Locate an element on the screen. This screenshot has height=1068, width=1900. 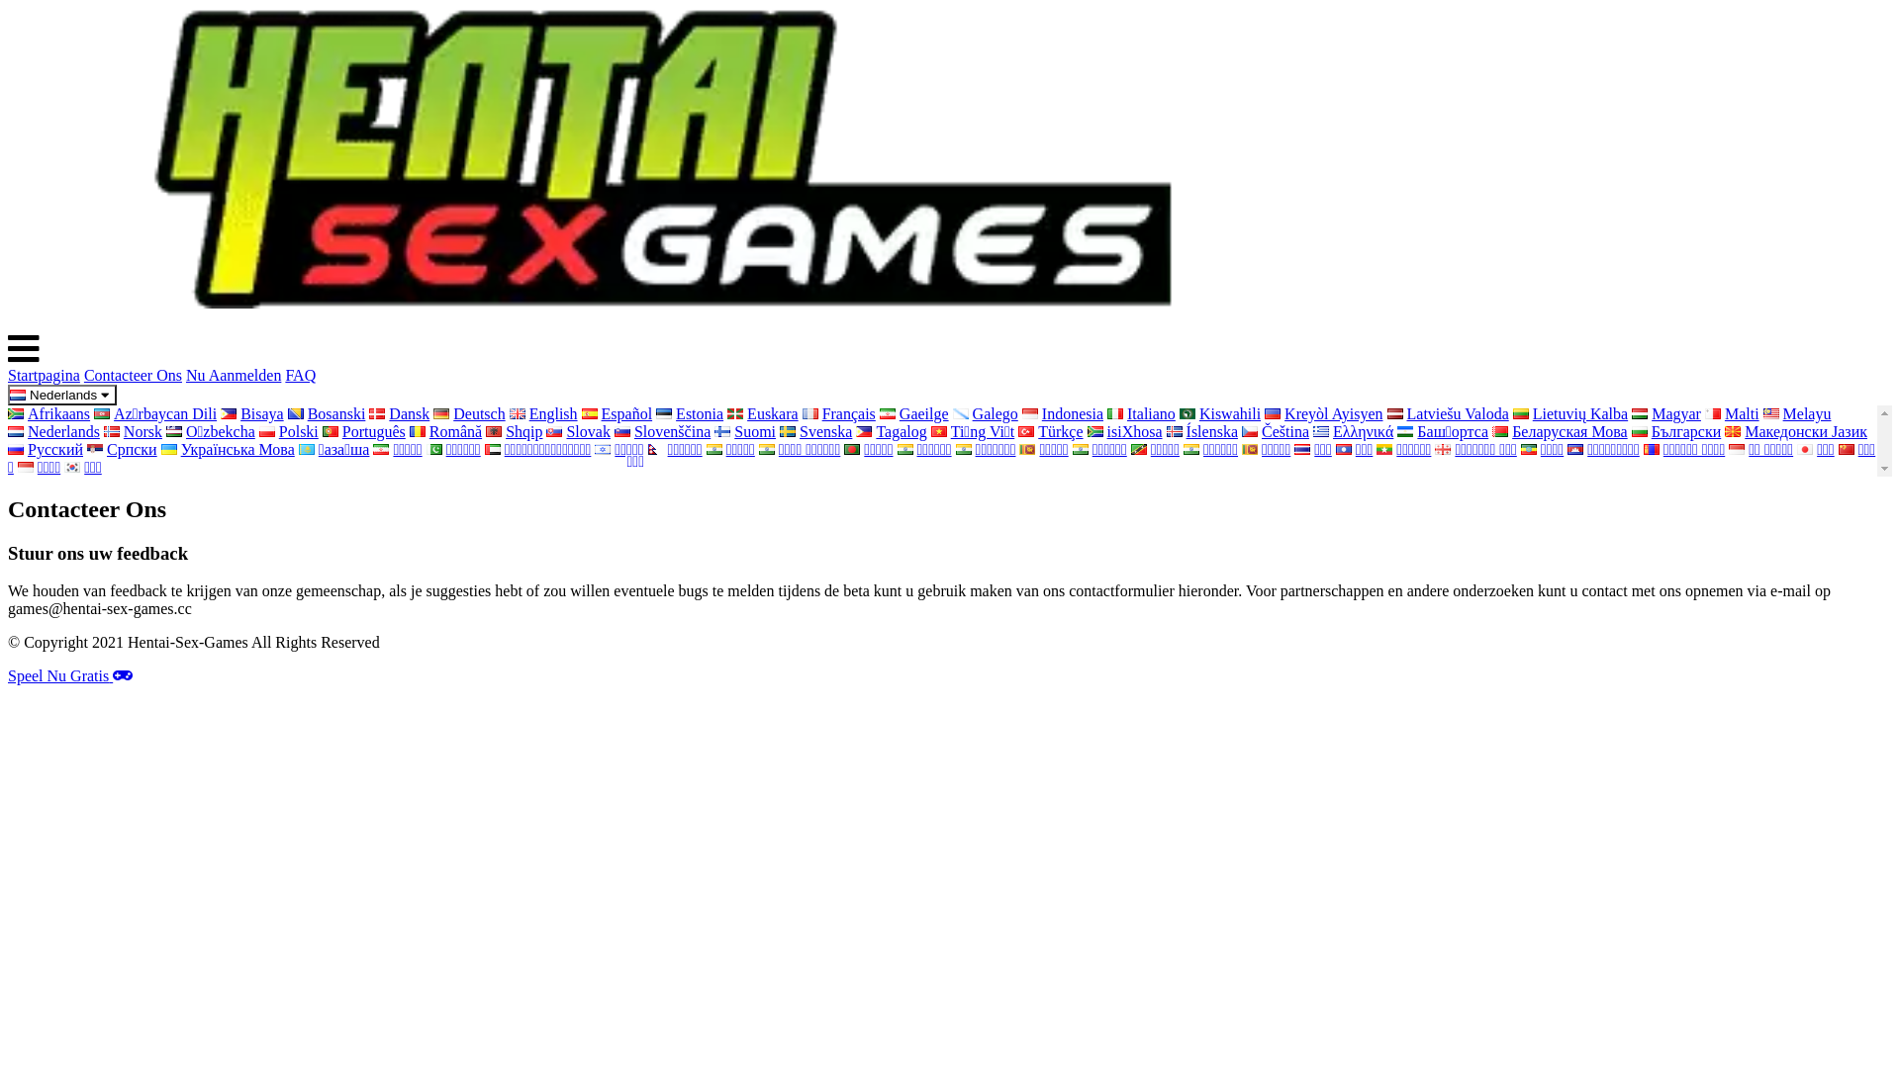
'Dansk' is located at coordinates (398, 412).